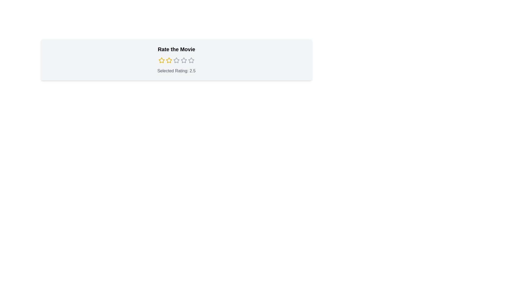 The width and height of the screenshot is (508, 285). Describe the element at coordinates (184, 60) in the screenshot. I see `the third star icon in the rating system, which allows users to input a rating visually` at that location.